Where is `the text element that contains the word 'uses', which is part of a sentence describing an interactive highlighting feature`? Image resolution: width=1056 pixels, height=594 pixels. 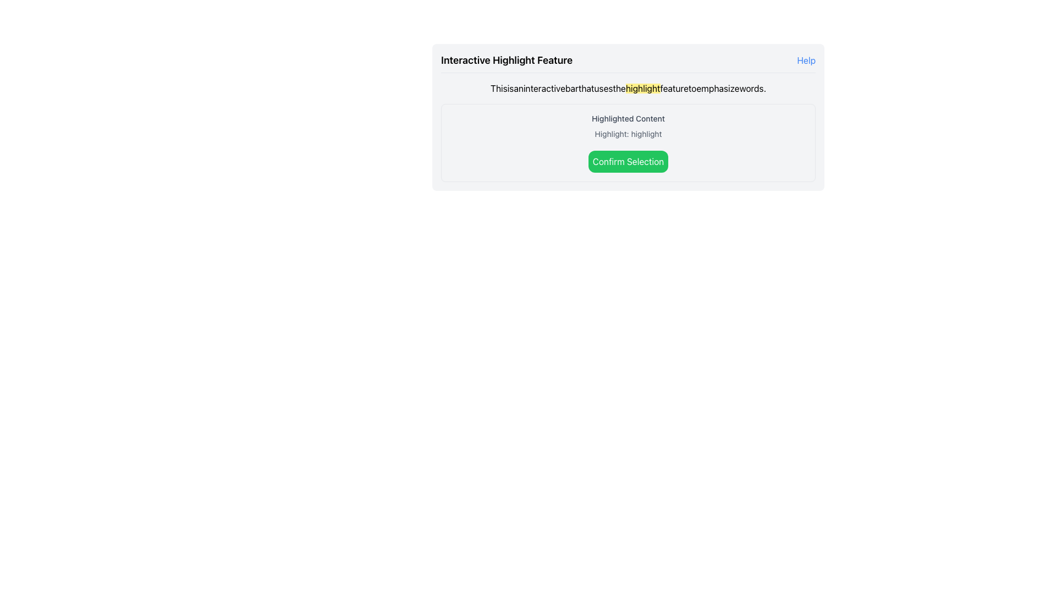
the text element that contains the word 'uses', which is part of a sentence describing an interactive highlighting feature is located at coordinates (603, 88).